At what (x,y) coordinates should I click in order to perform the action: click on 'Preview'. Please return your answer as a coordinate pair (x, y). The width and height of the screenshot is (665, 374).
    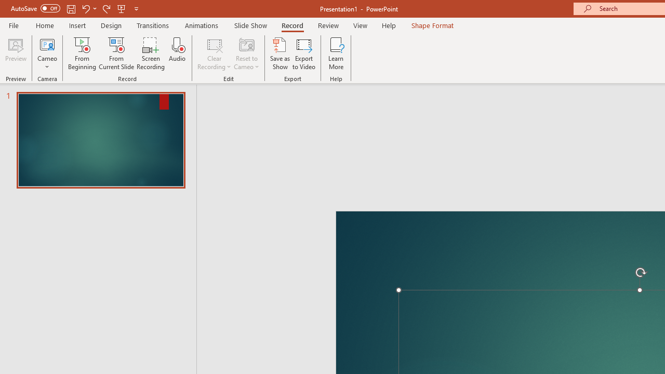
    Looking at the image, I should click on (16, 54).